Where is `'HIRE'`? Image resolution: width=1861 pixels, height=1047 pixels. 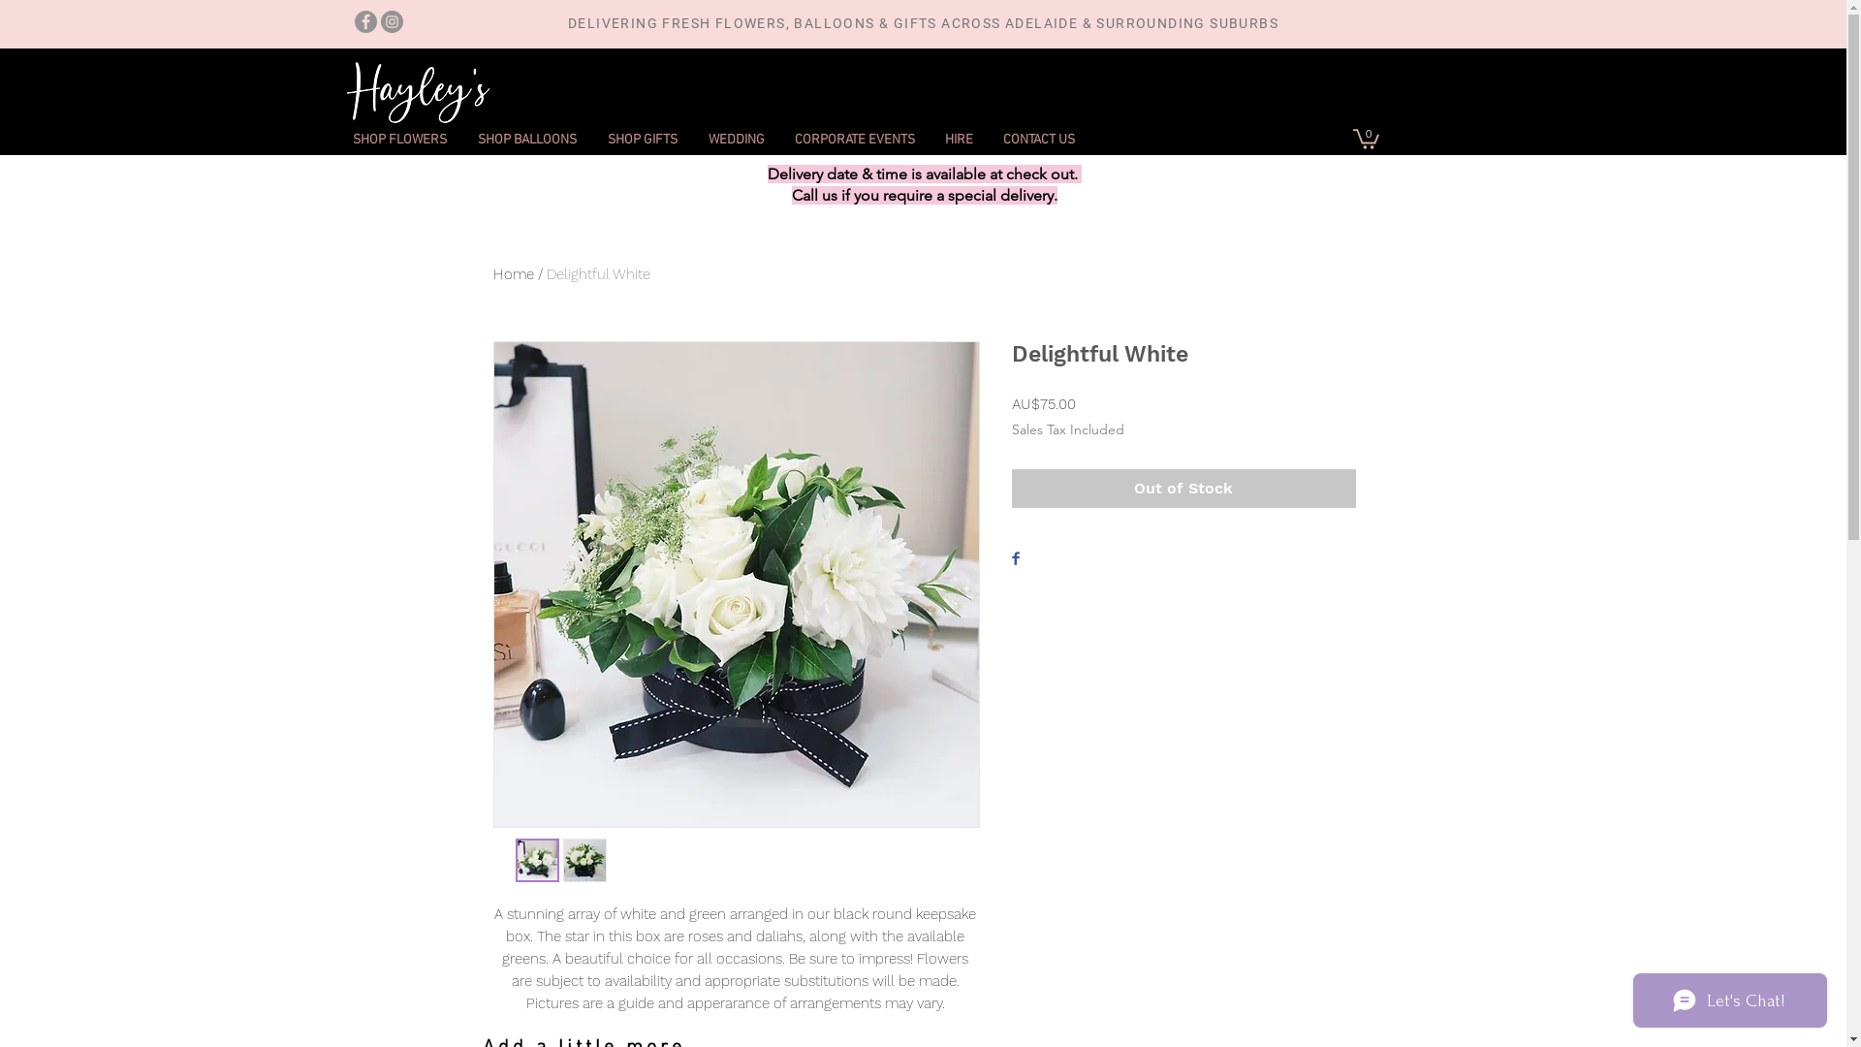
'HIRE' is located at coordinates (958, 139).